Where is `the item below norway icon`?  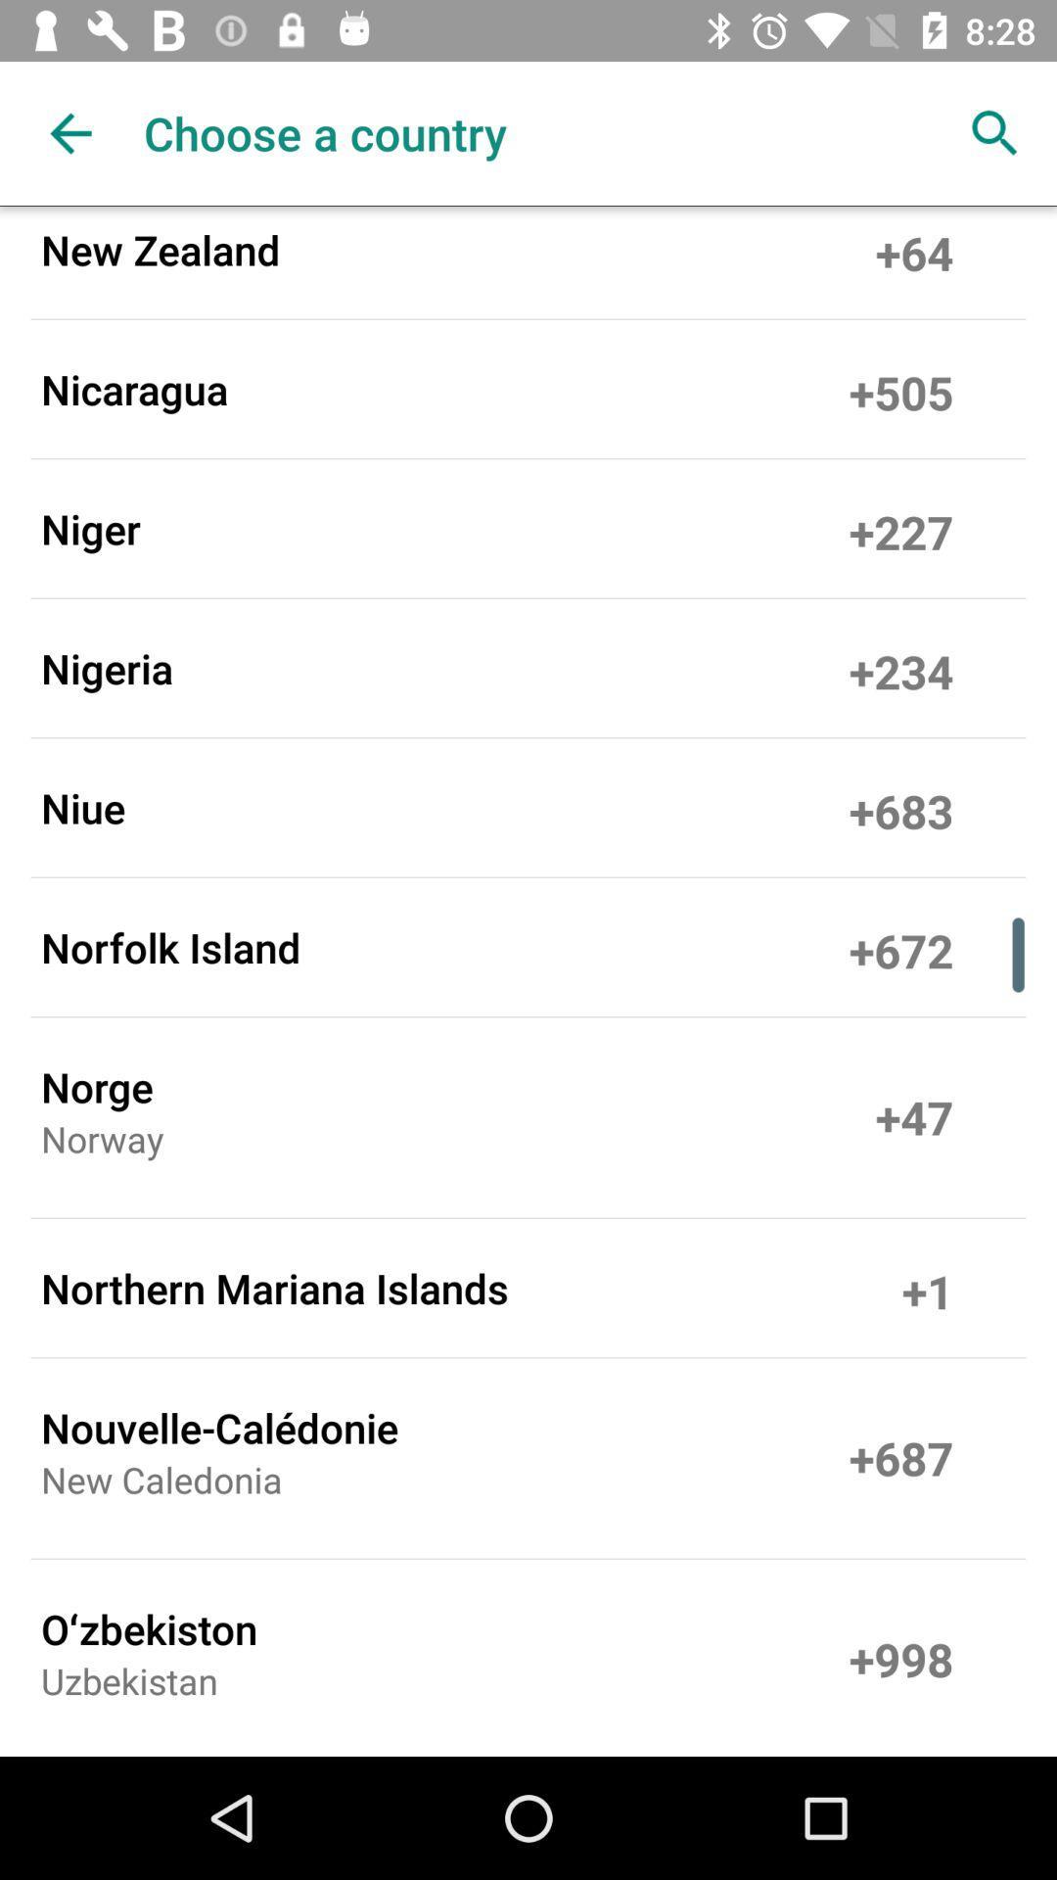
the item below norway icon is located at coordinates (274, 1288).